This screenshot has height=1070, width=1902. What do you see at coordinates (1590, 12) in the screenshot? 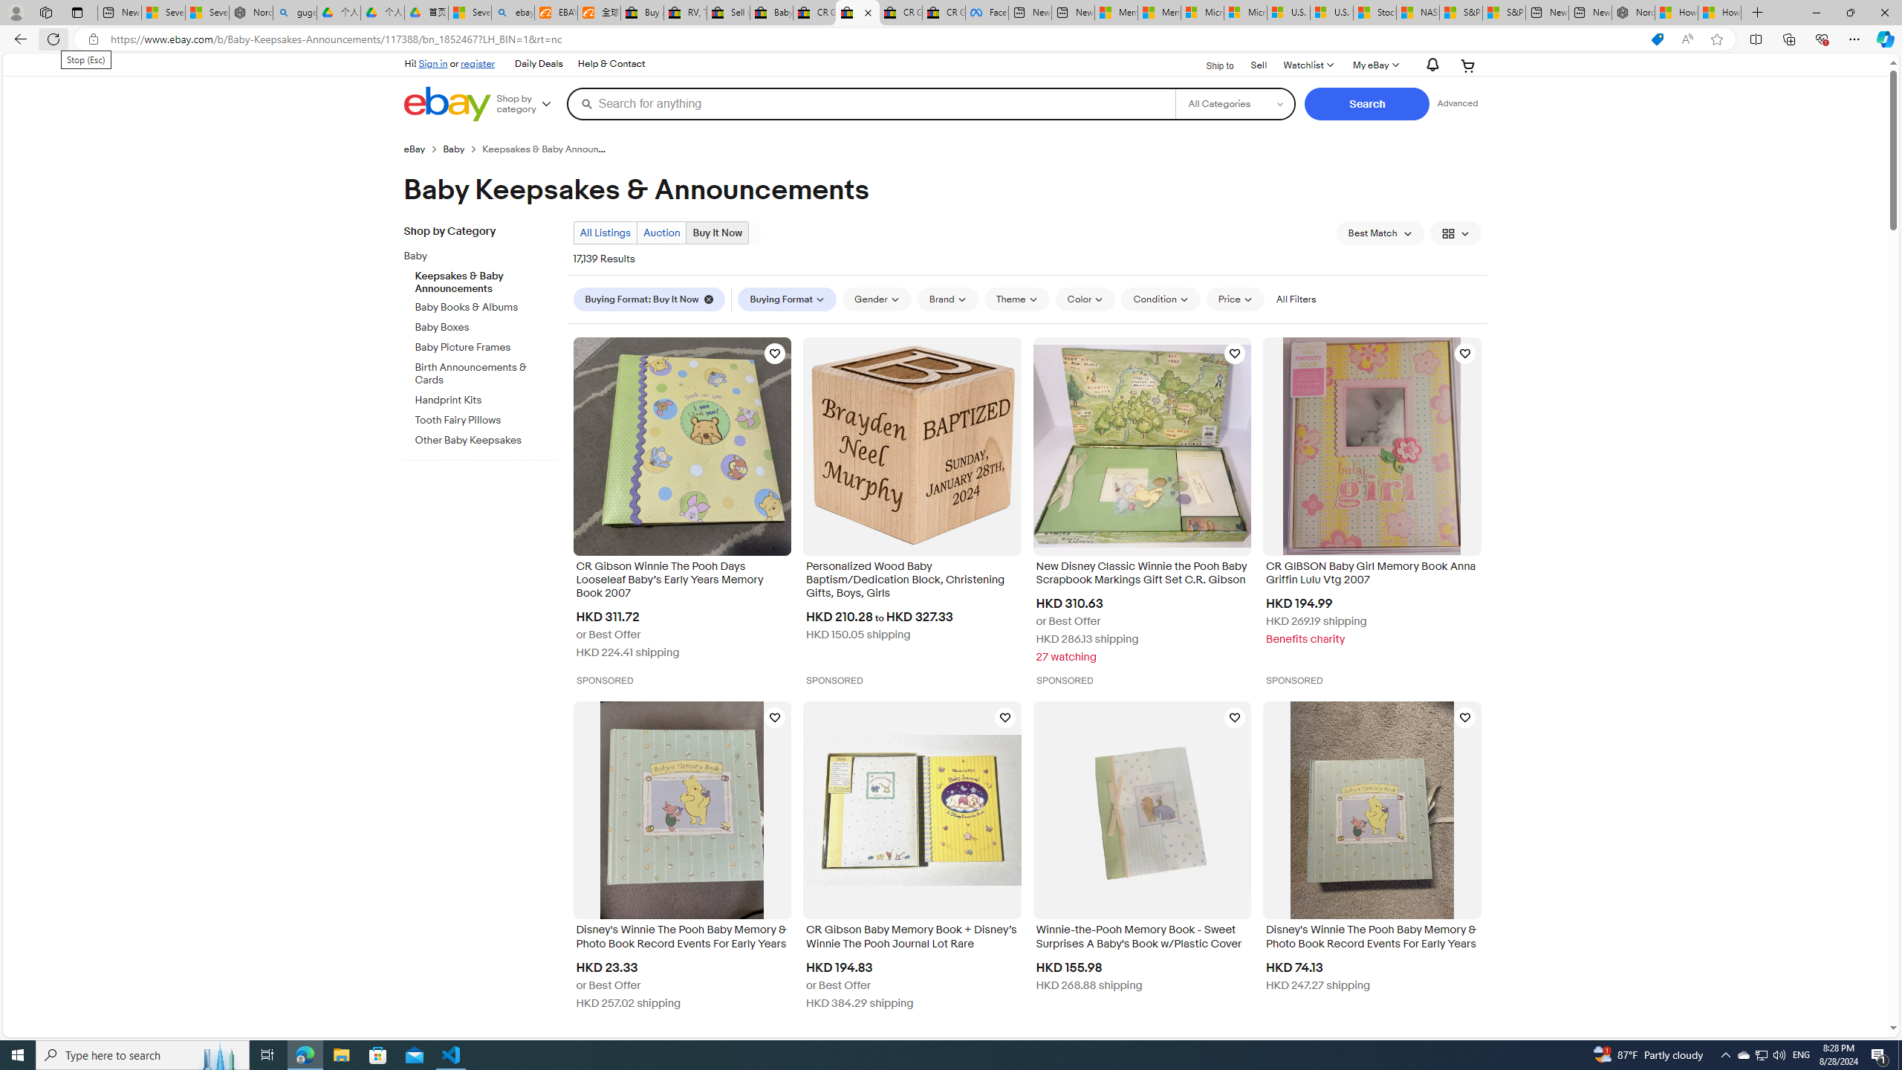
I see `'New tab'` at bounding box center [1590, 12].